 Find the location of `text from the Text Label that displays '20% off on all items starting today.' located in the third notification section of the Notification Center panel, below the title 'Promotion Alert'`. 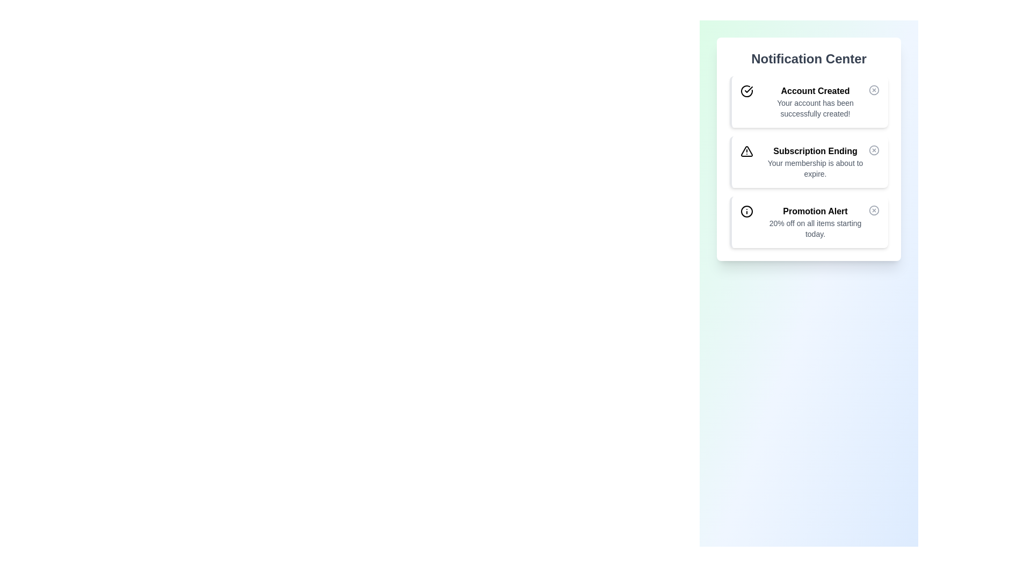

text from the Text Label that displays '20% off on all items starting today.' located in the third notification section of the Notification Center panel, below the title 'Promotion Alert' is located at coordinates (815, 228).